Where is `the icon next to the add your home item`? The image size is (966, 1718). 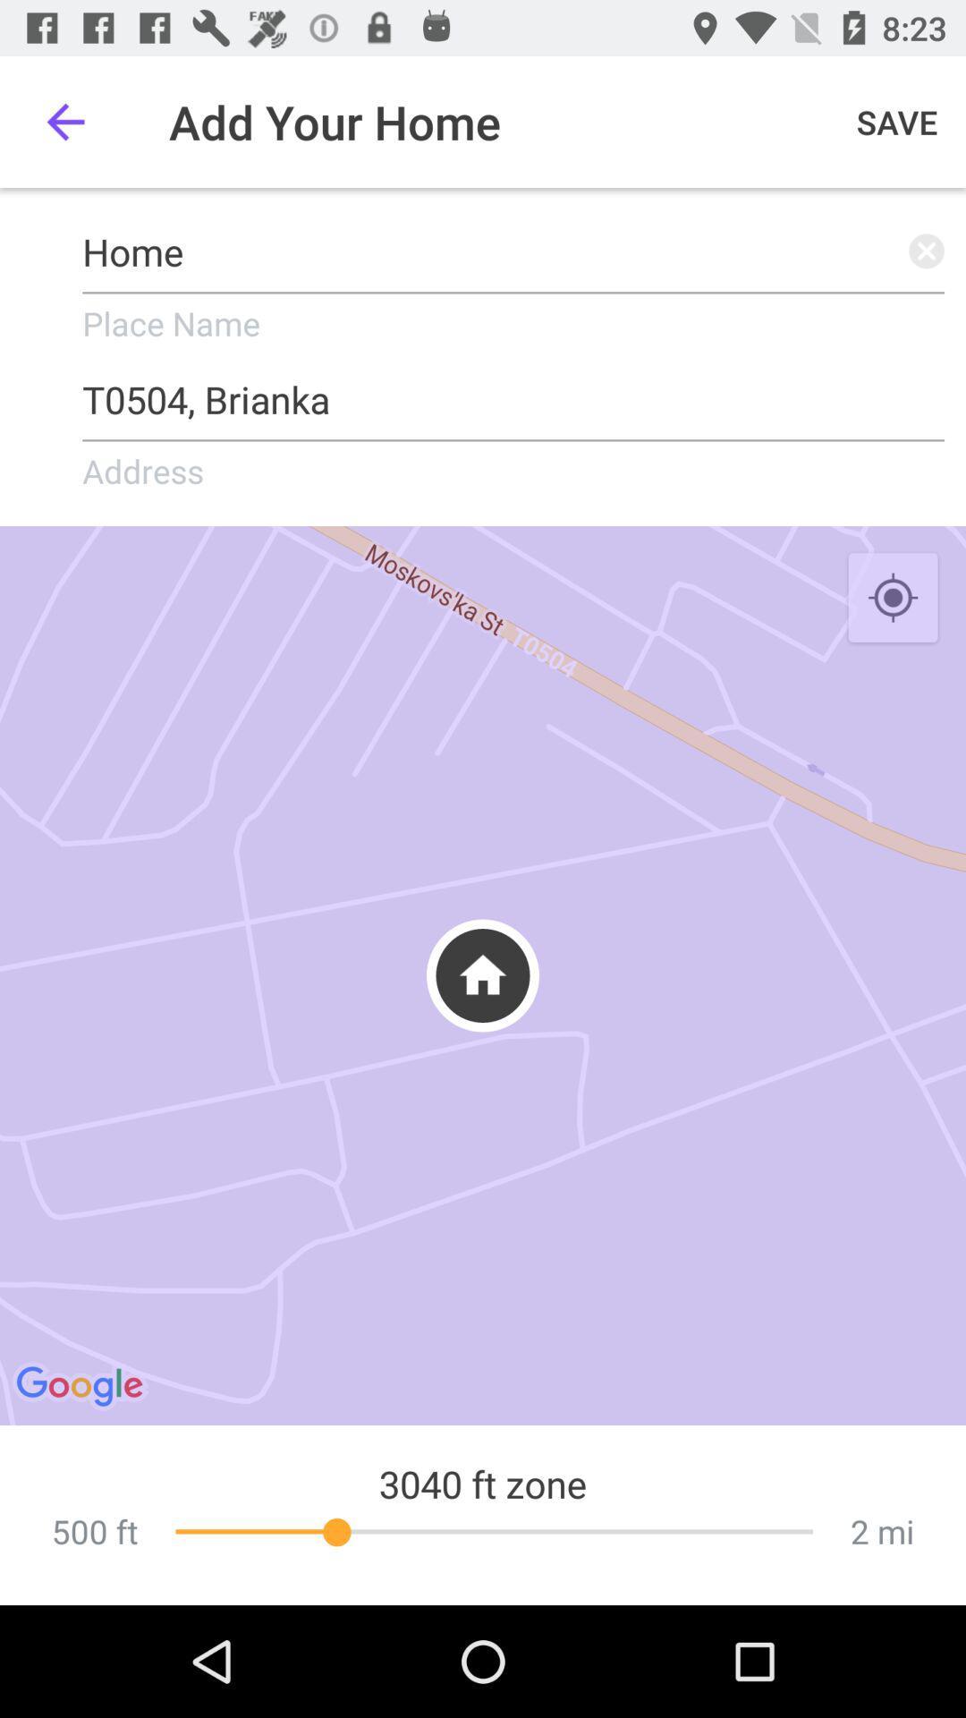 the icon next to the add your home item is located at coordinates (897, 121).